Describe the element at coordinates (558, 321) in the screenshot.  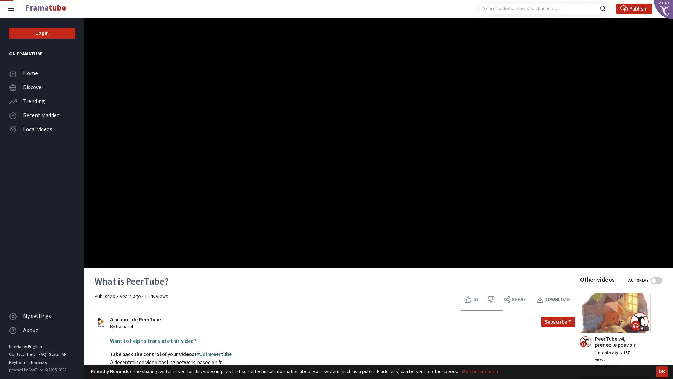
I see `Open subscription dropdown` at that location.